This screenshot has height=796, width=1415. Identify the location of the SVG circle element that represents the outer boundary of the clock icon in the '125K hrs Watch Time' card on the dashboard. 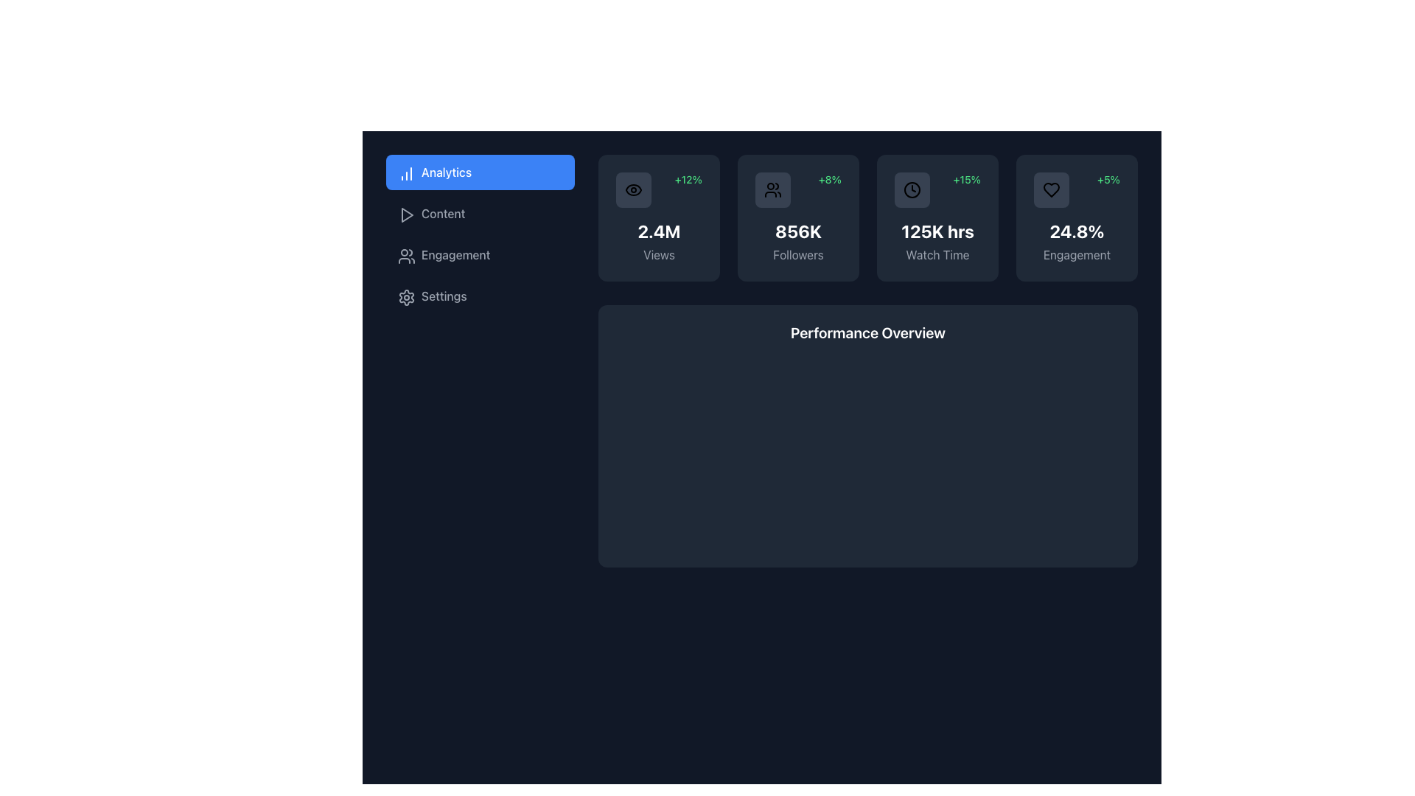
(912, 189).